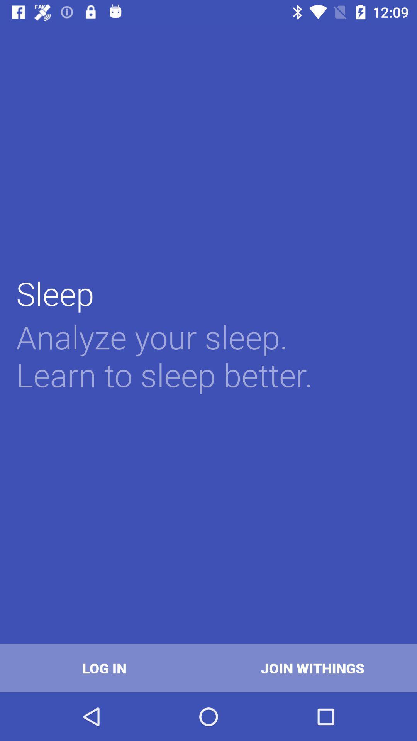  Describe the element at coordinates (313, 668) in the screenshot. I see `icon next to log in` at that location.